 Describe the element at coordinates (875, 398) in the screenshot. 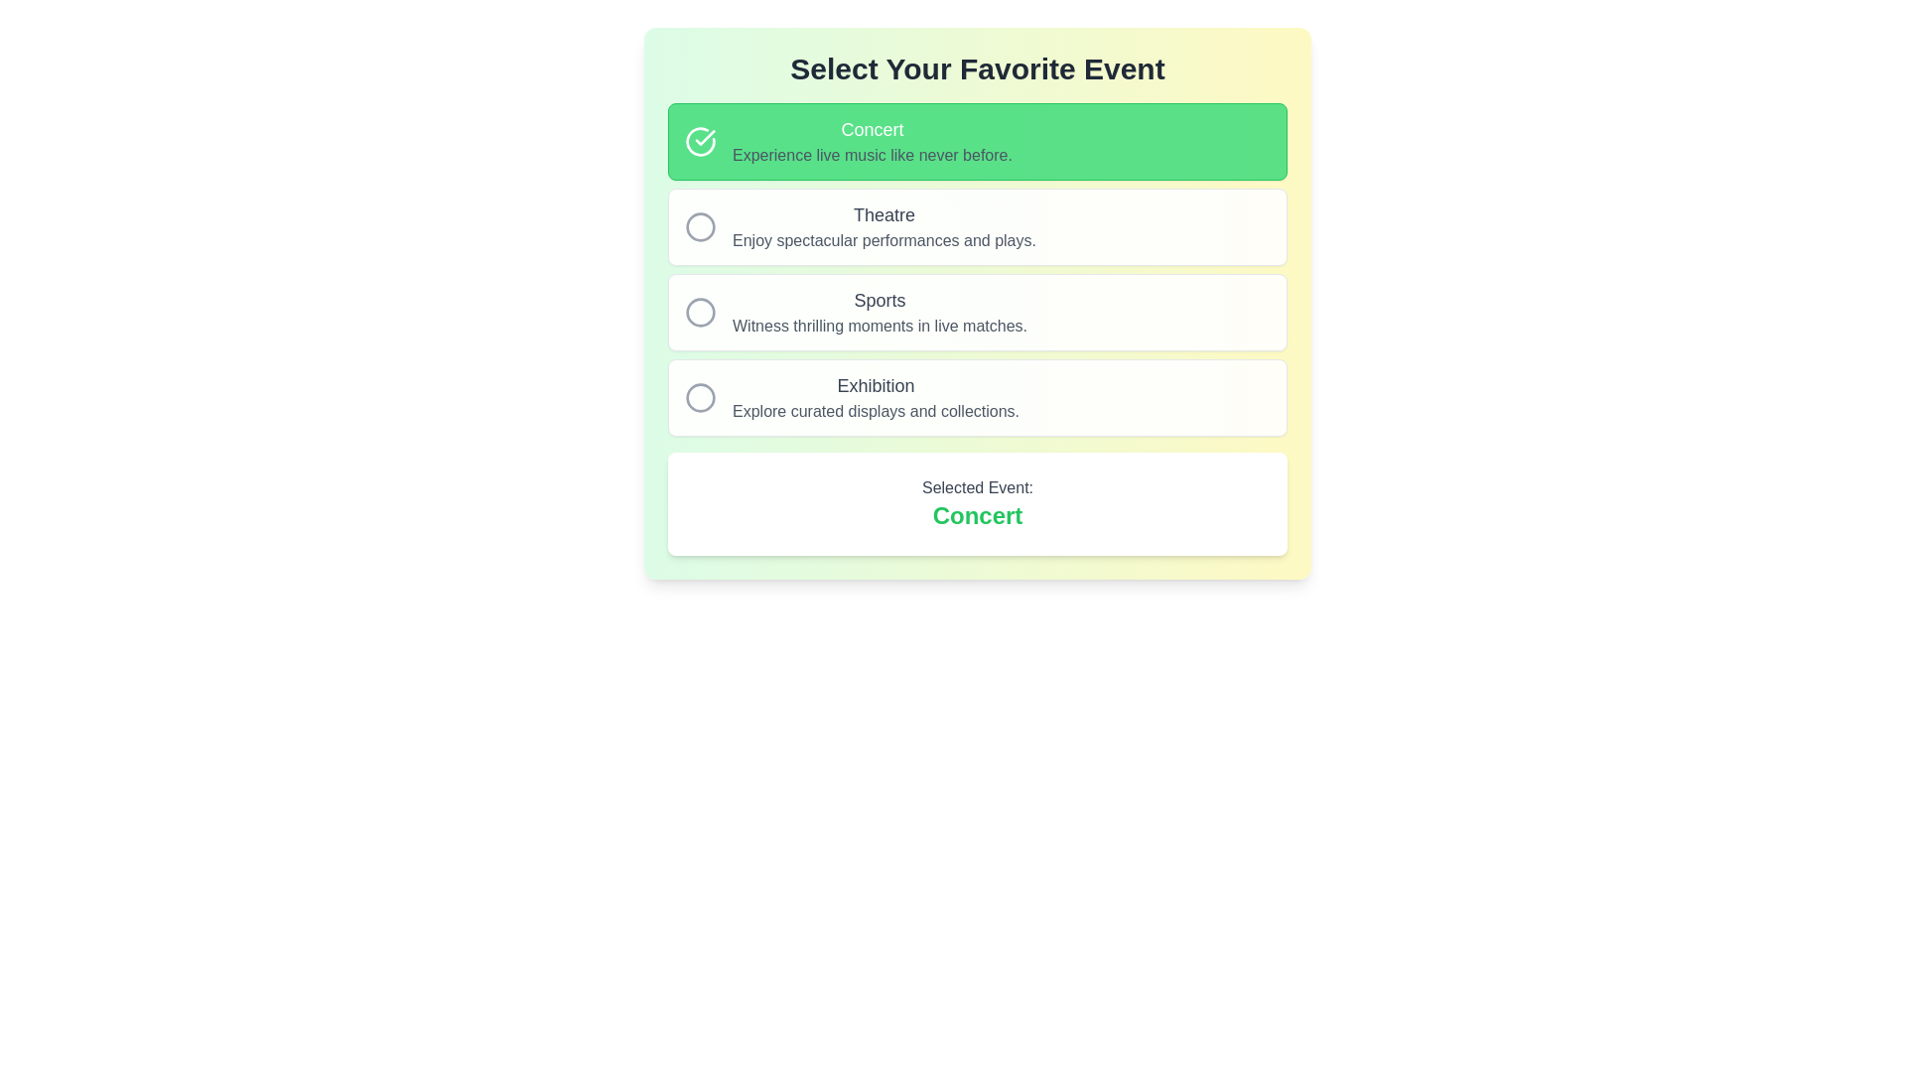

I see `the text label that describes the 'Exhibition' category, which is the fourth option in a vertical list located beneath the 'Sports' option` at that location.